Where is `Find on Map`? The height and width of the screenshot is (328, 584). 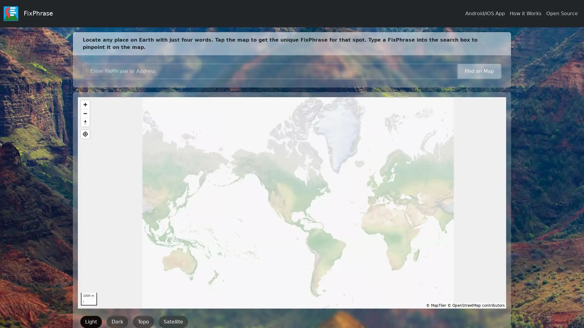
Find on Map is located at coordinates (479, 71).